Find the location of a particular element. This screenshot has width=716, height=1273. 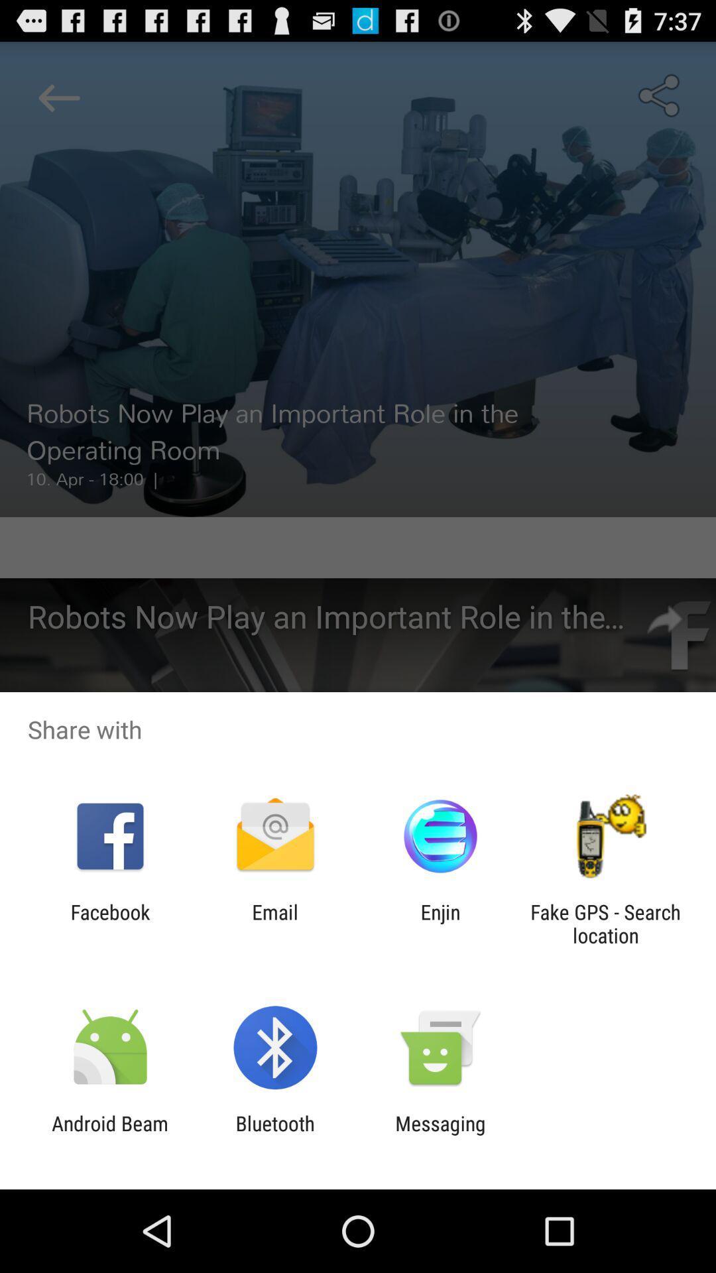

the item next to the enjin is located at coordinates (605, 923).